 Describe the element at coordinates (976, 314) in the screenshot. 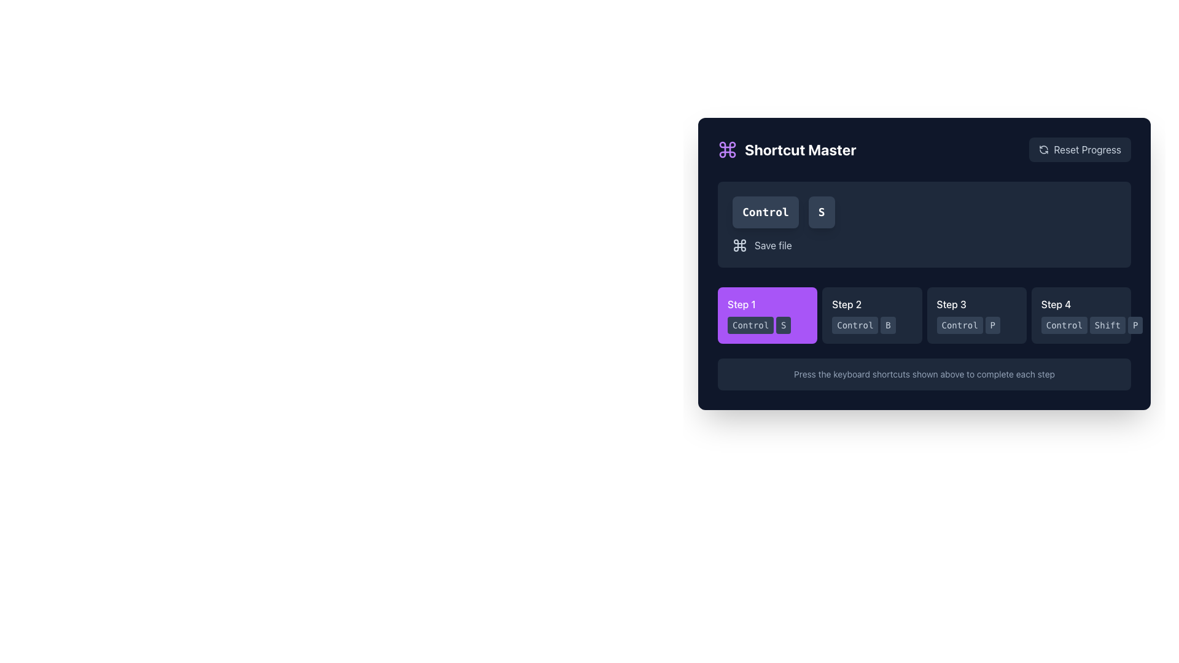

I see `the Card element labeled 'Step 3' with a dark slate blue background located in the third position of the step-grid layout` at that location.